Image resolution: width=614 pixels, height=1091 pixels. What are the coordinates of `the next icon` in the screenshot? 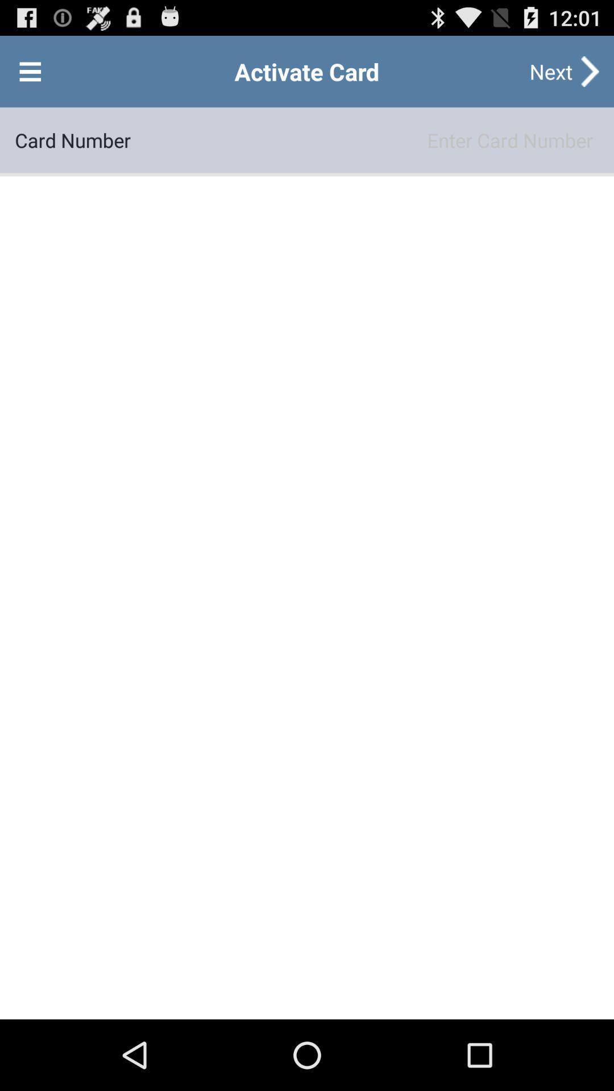 It's located at (550, 70).